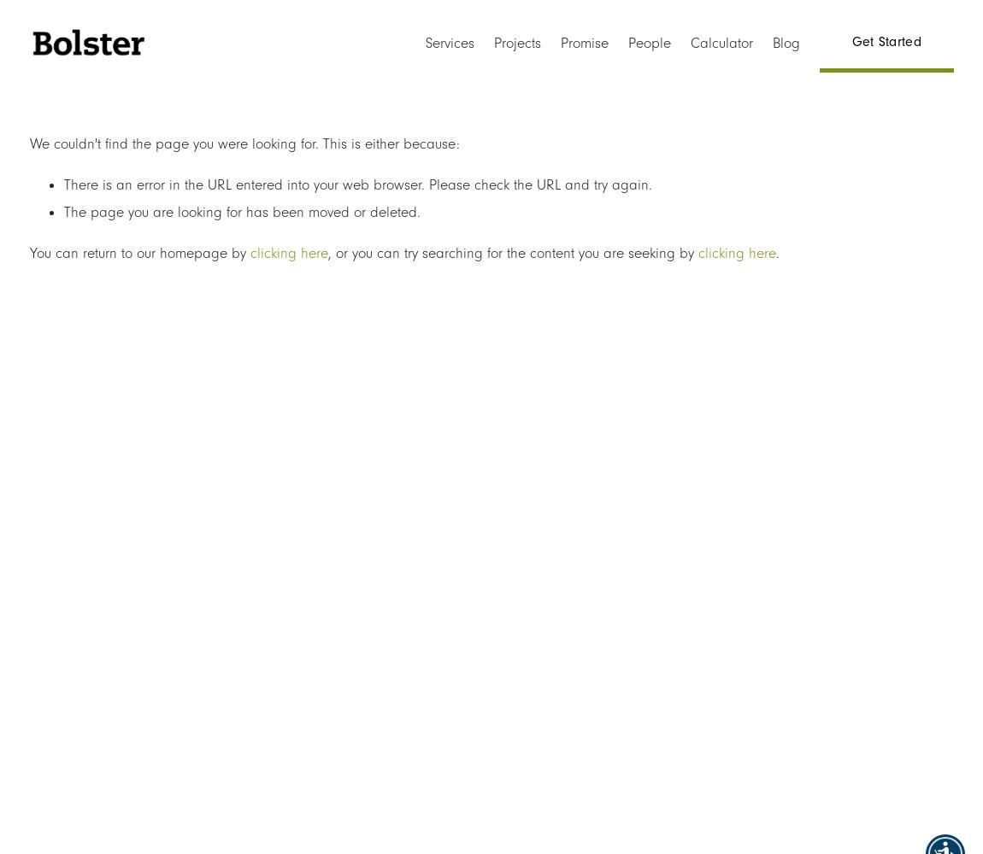 This screenshot has height=854, width=983. What do you see at coordinates (721, 43) in the screenshot?
I see `'Calculator'` at bounding box center [721, 43].